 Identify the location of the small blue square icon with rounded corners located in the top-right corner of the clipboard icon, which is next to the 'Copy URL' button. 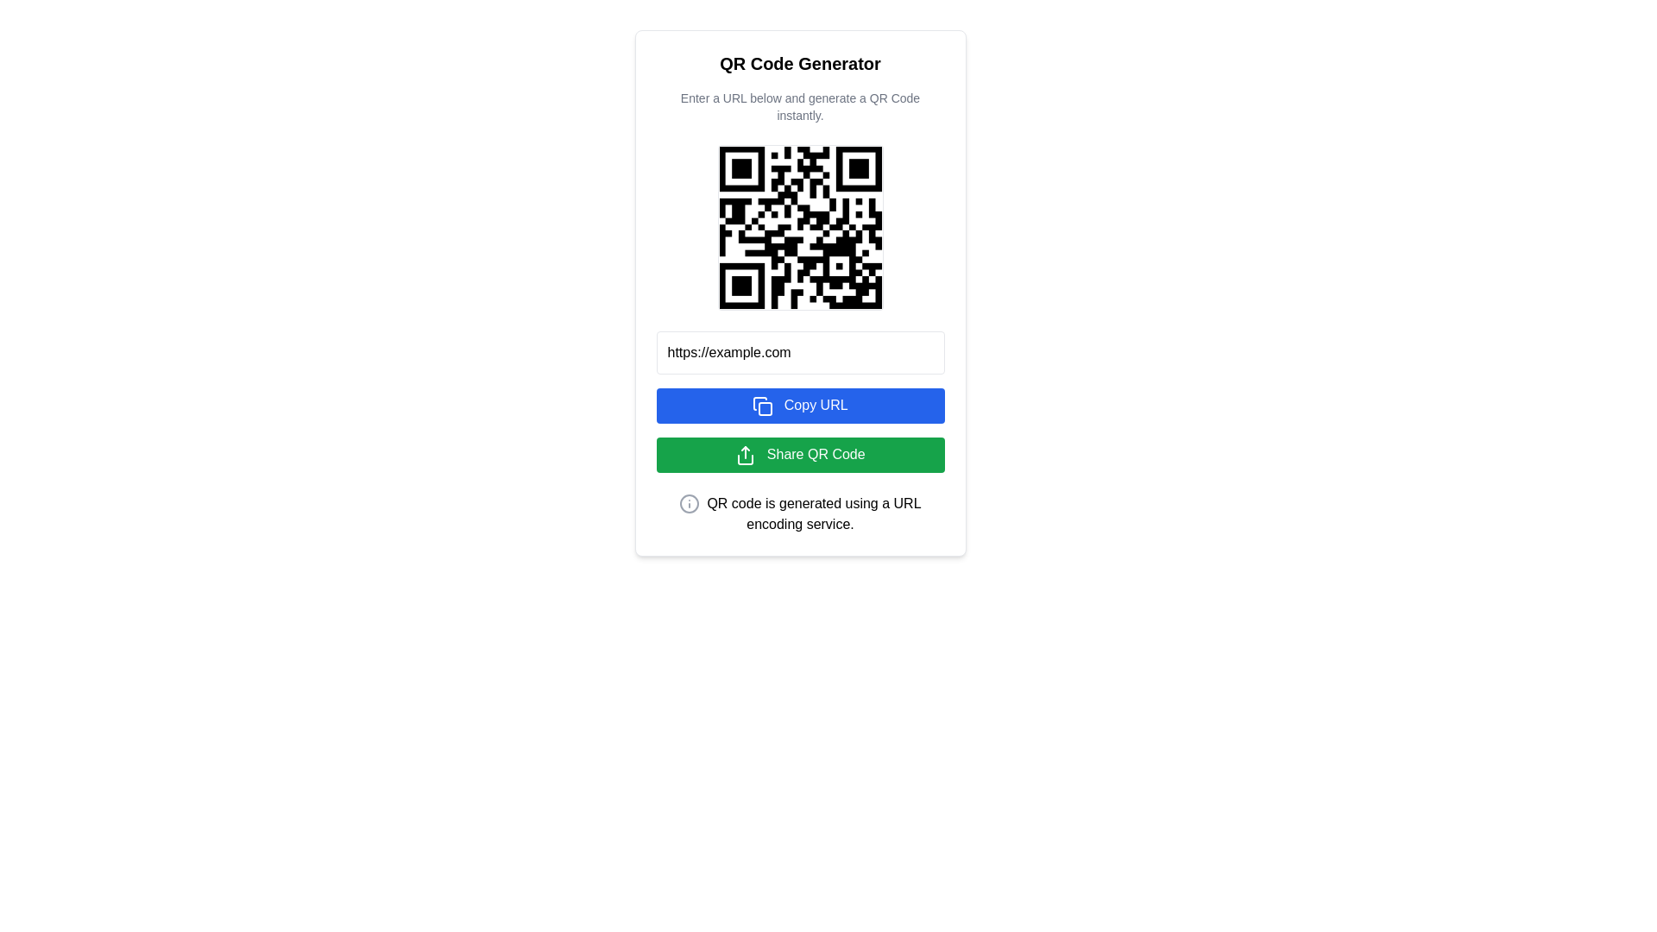
(765, 408).